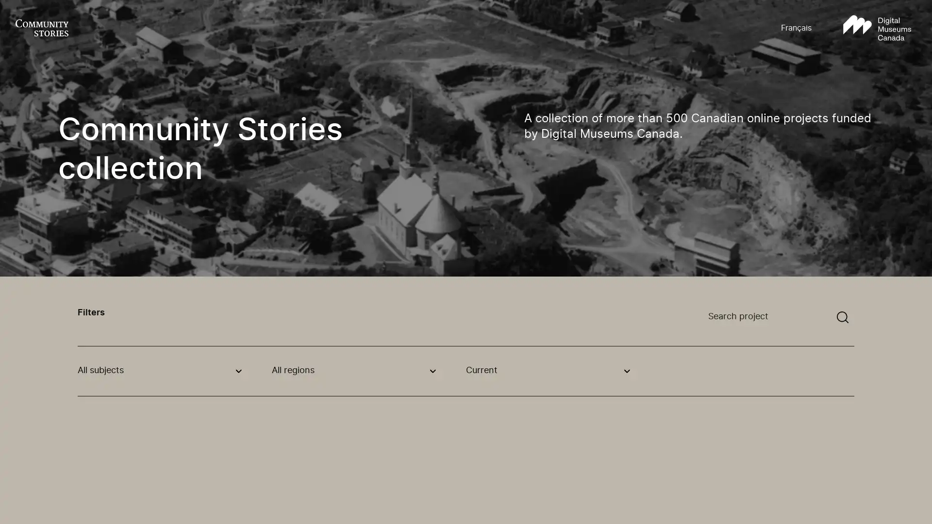 The height and width of the screenshot is (524, 932). Describe the element at coordinates (842, 317) in the screenshot. I see `Submit` at that location.